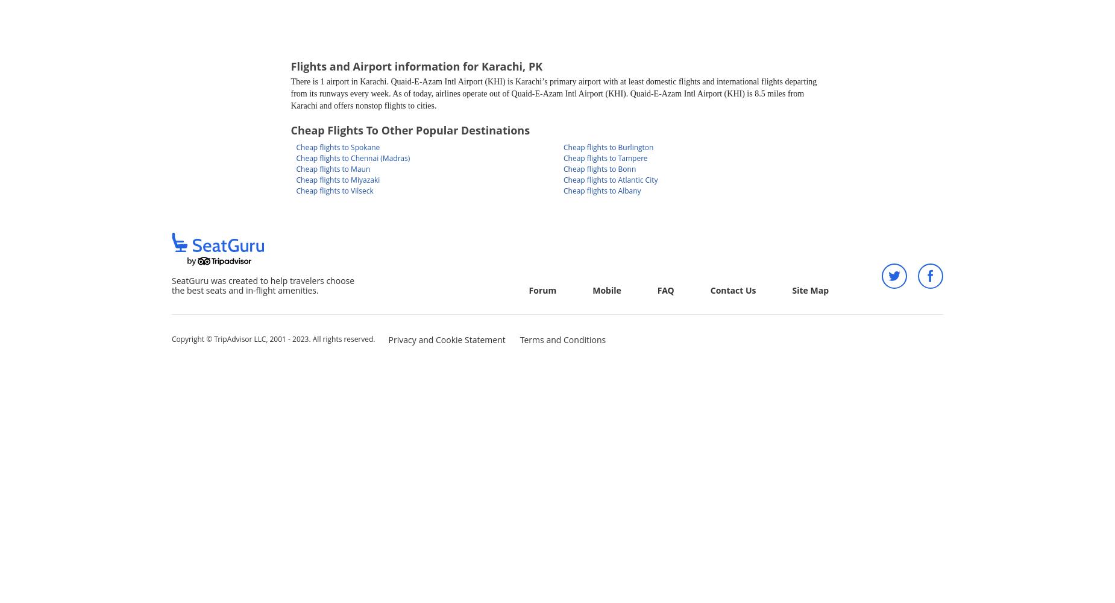  Describe the element at coordinates (446, 339) in the screenshot. I see `'Privacy and Cookie Statement'` at that location.